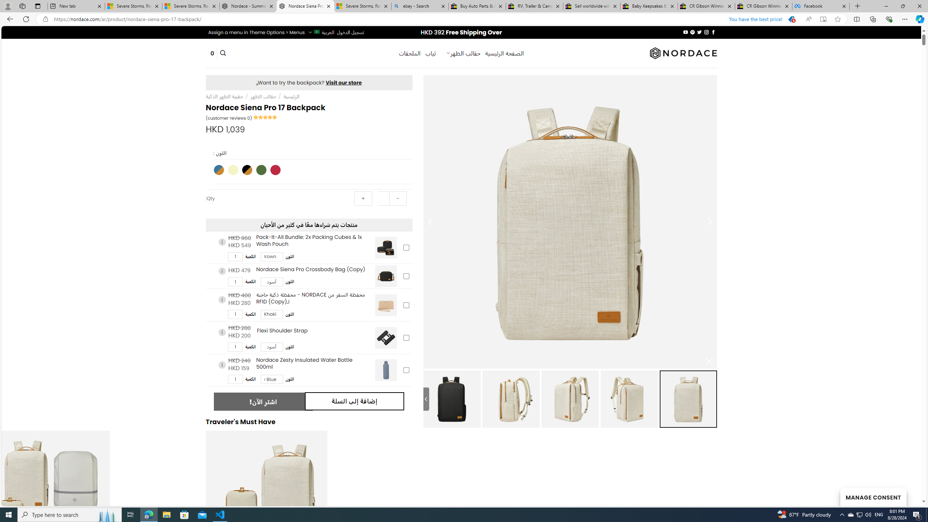 This screenshot has width=928, height=522. What do you see at coordinates (873, 497) in the screenshot?
I see `'MANAGE CONSENT'` at bounding box center [873, 497].